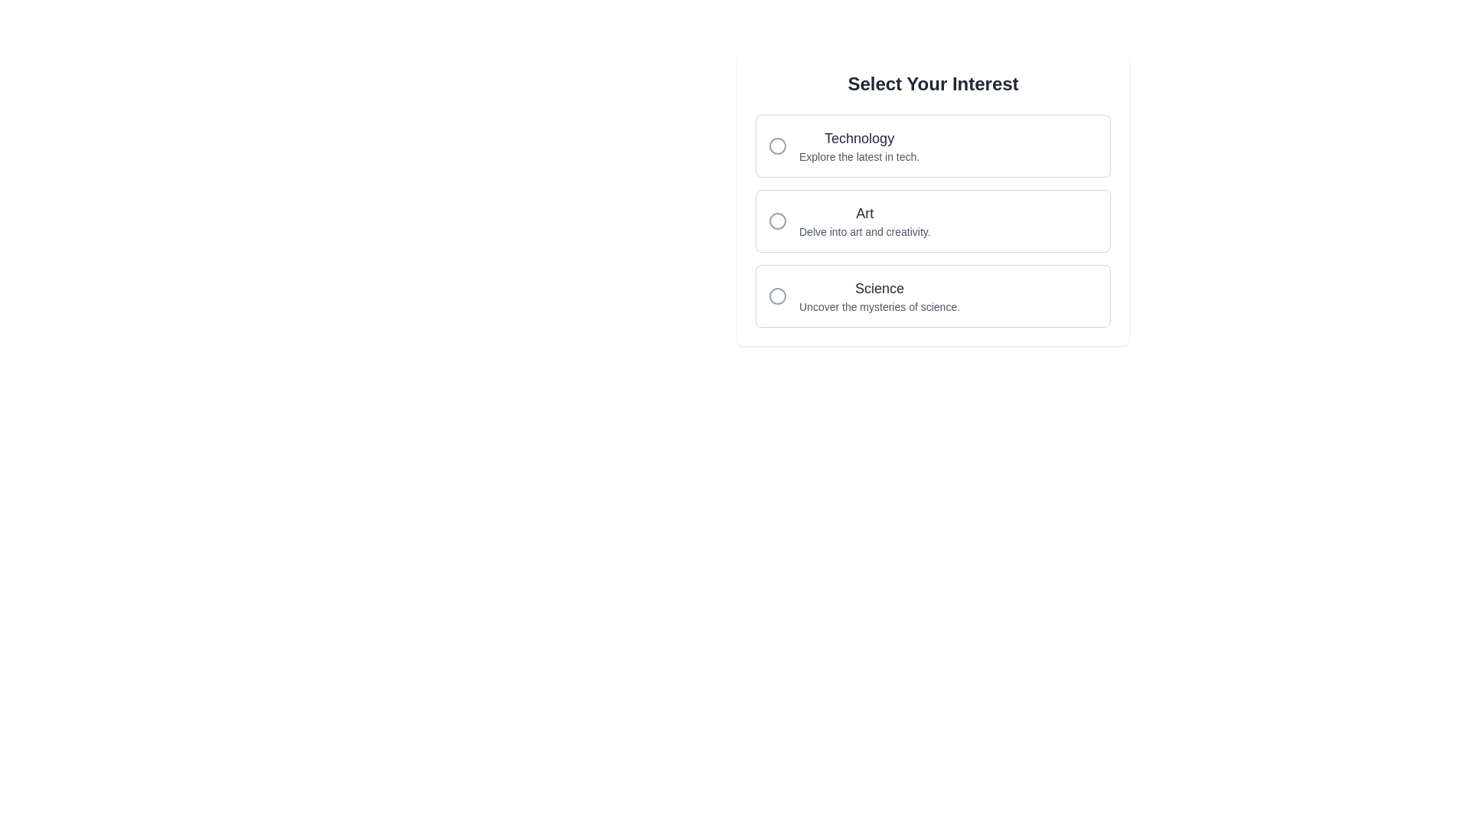 This screenshot has height=827, width=1470. Describe the element at coordinates (864, 221) in the screenshot. I see `the Text Block containing 'Art' and 'Delve into art and creativity'` at that location.